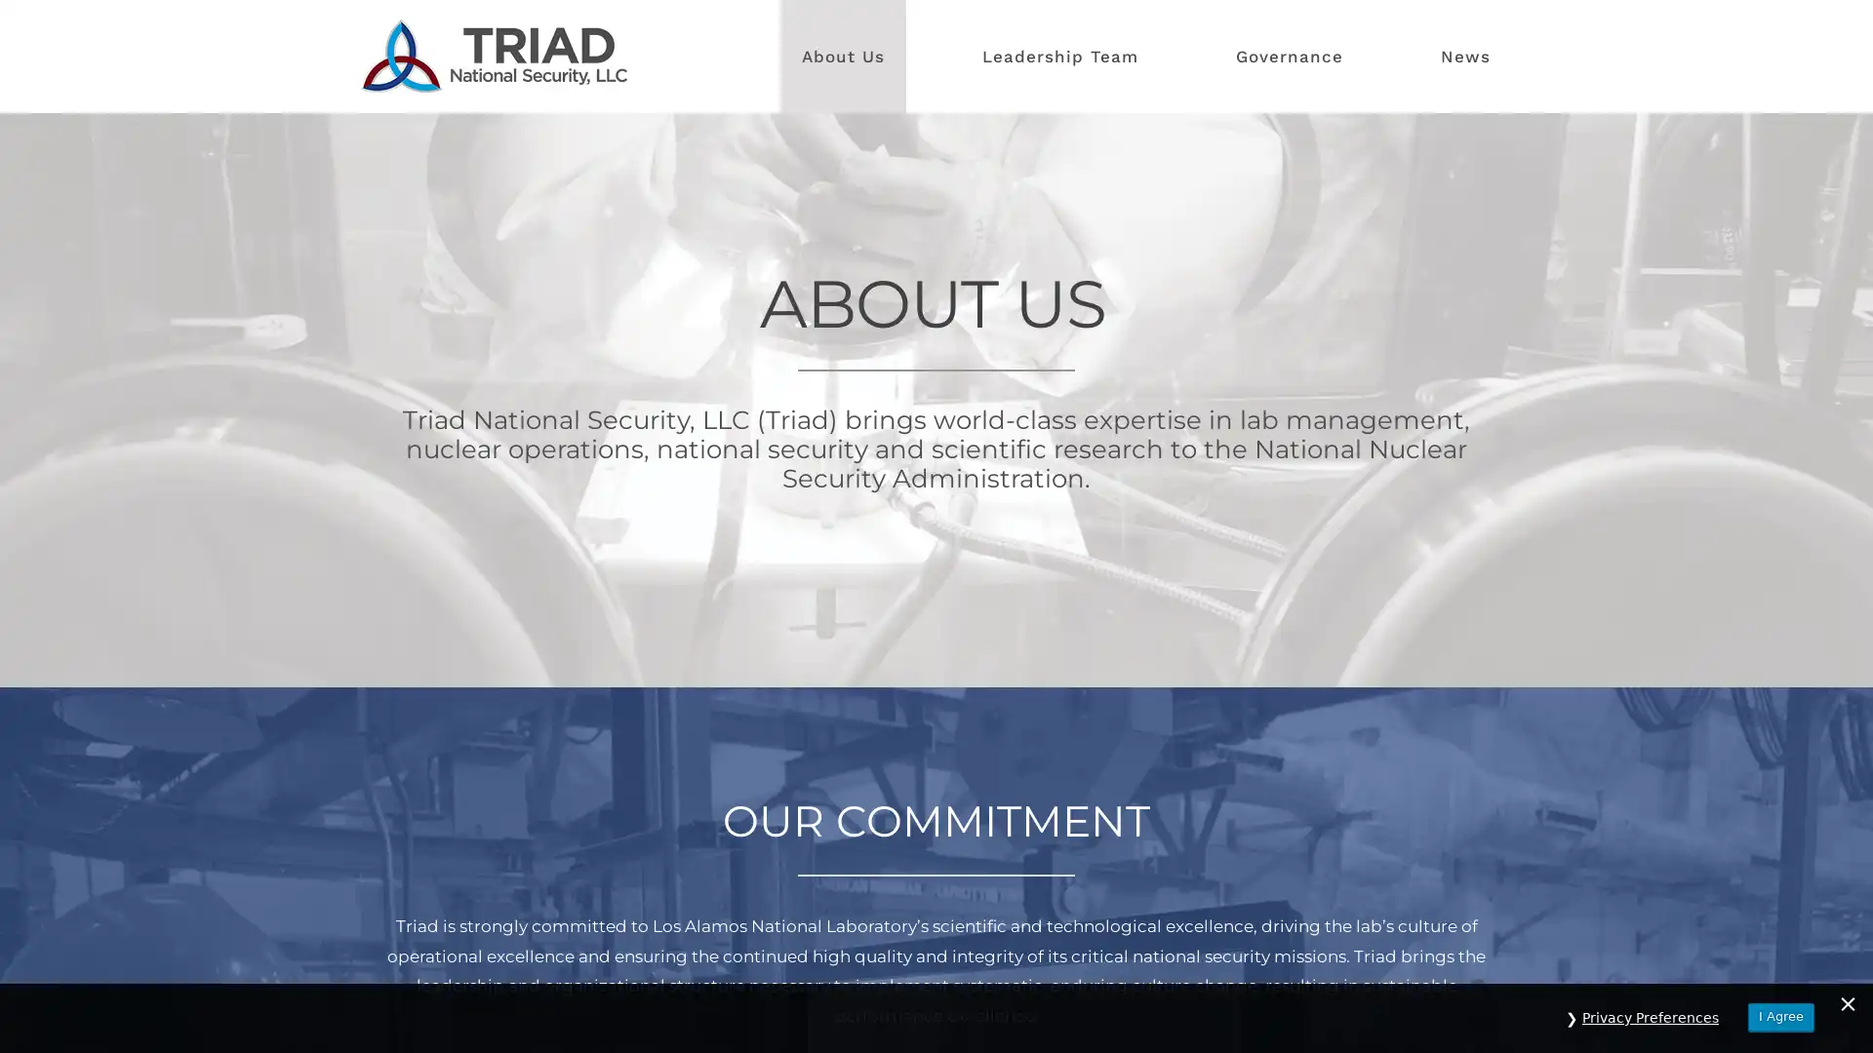 This screenshot has height=1053, width=1873. I want to click on I Agree, so click(1780, 1016).